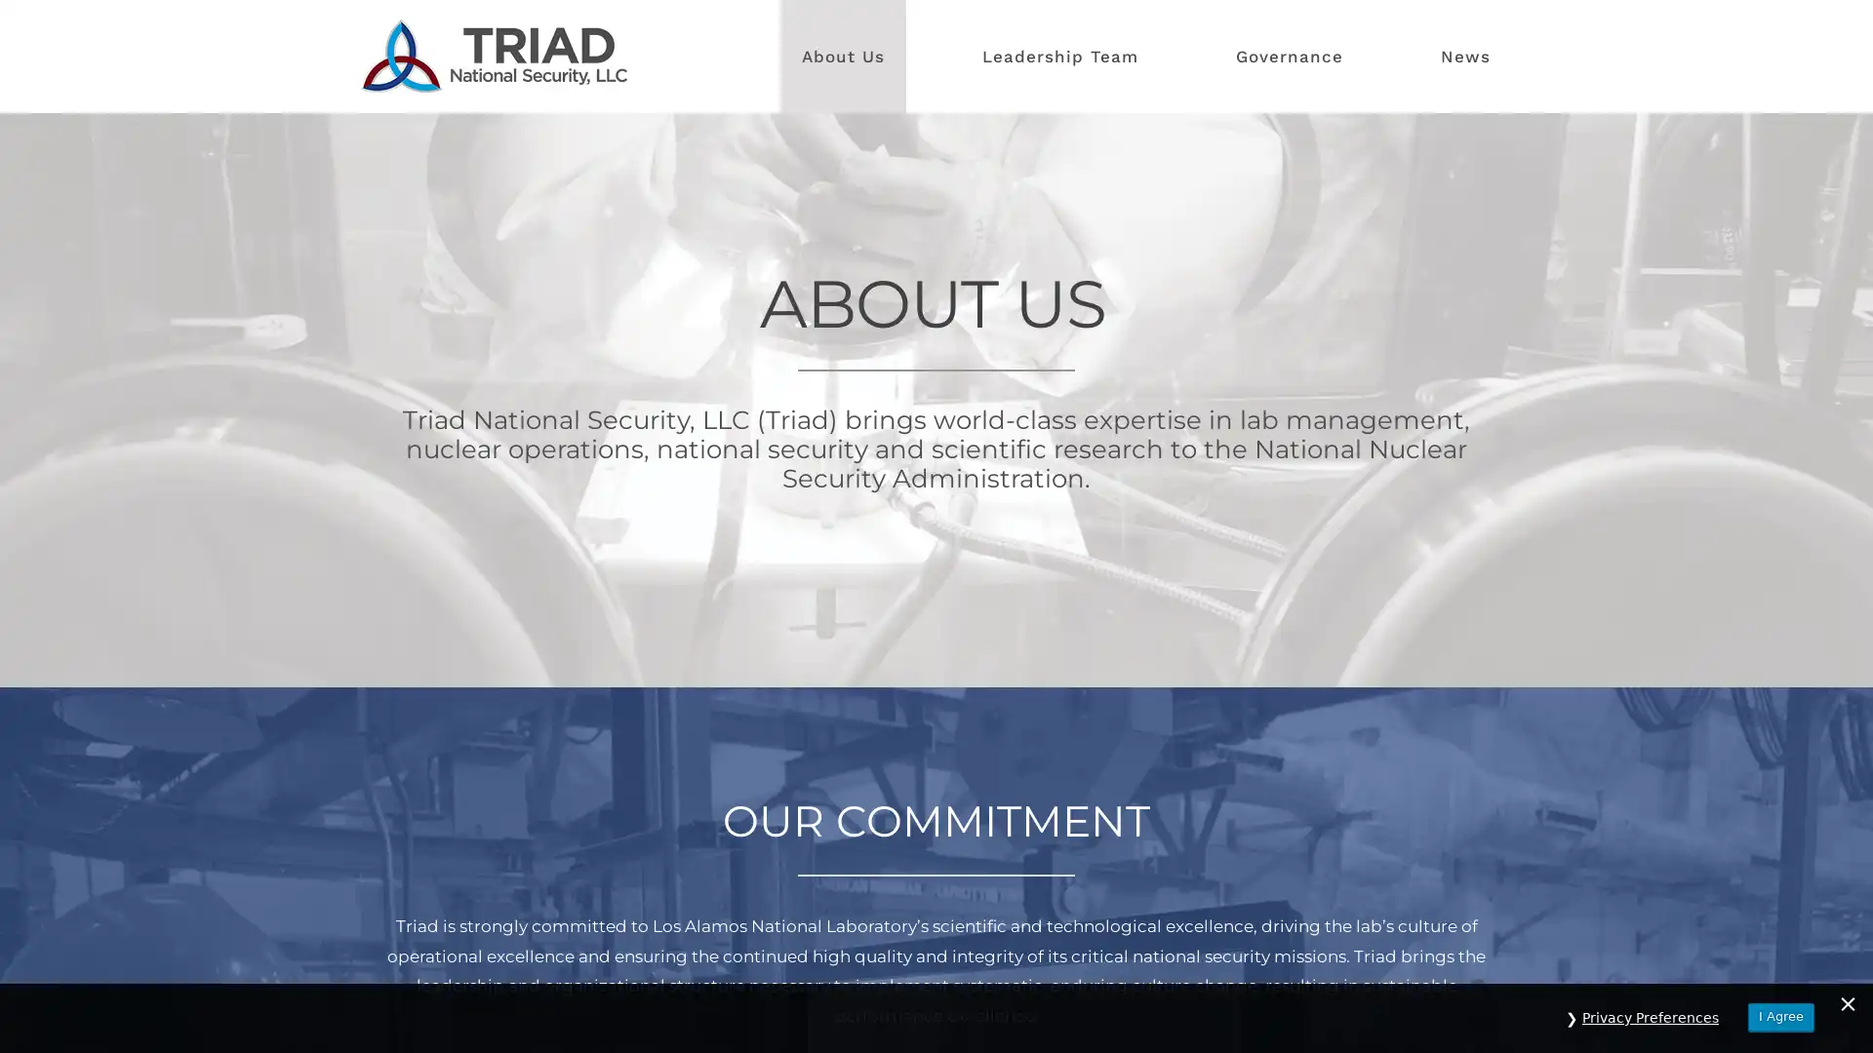 This screenshot has height=1053, width=1873. I want to click on I Agree, so click(1780, 1016).